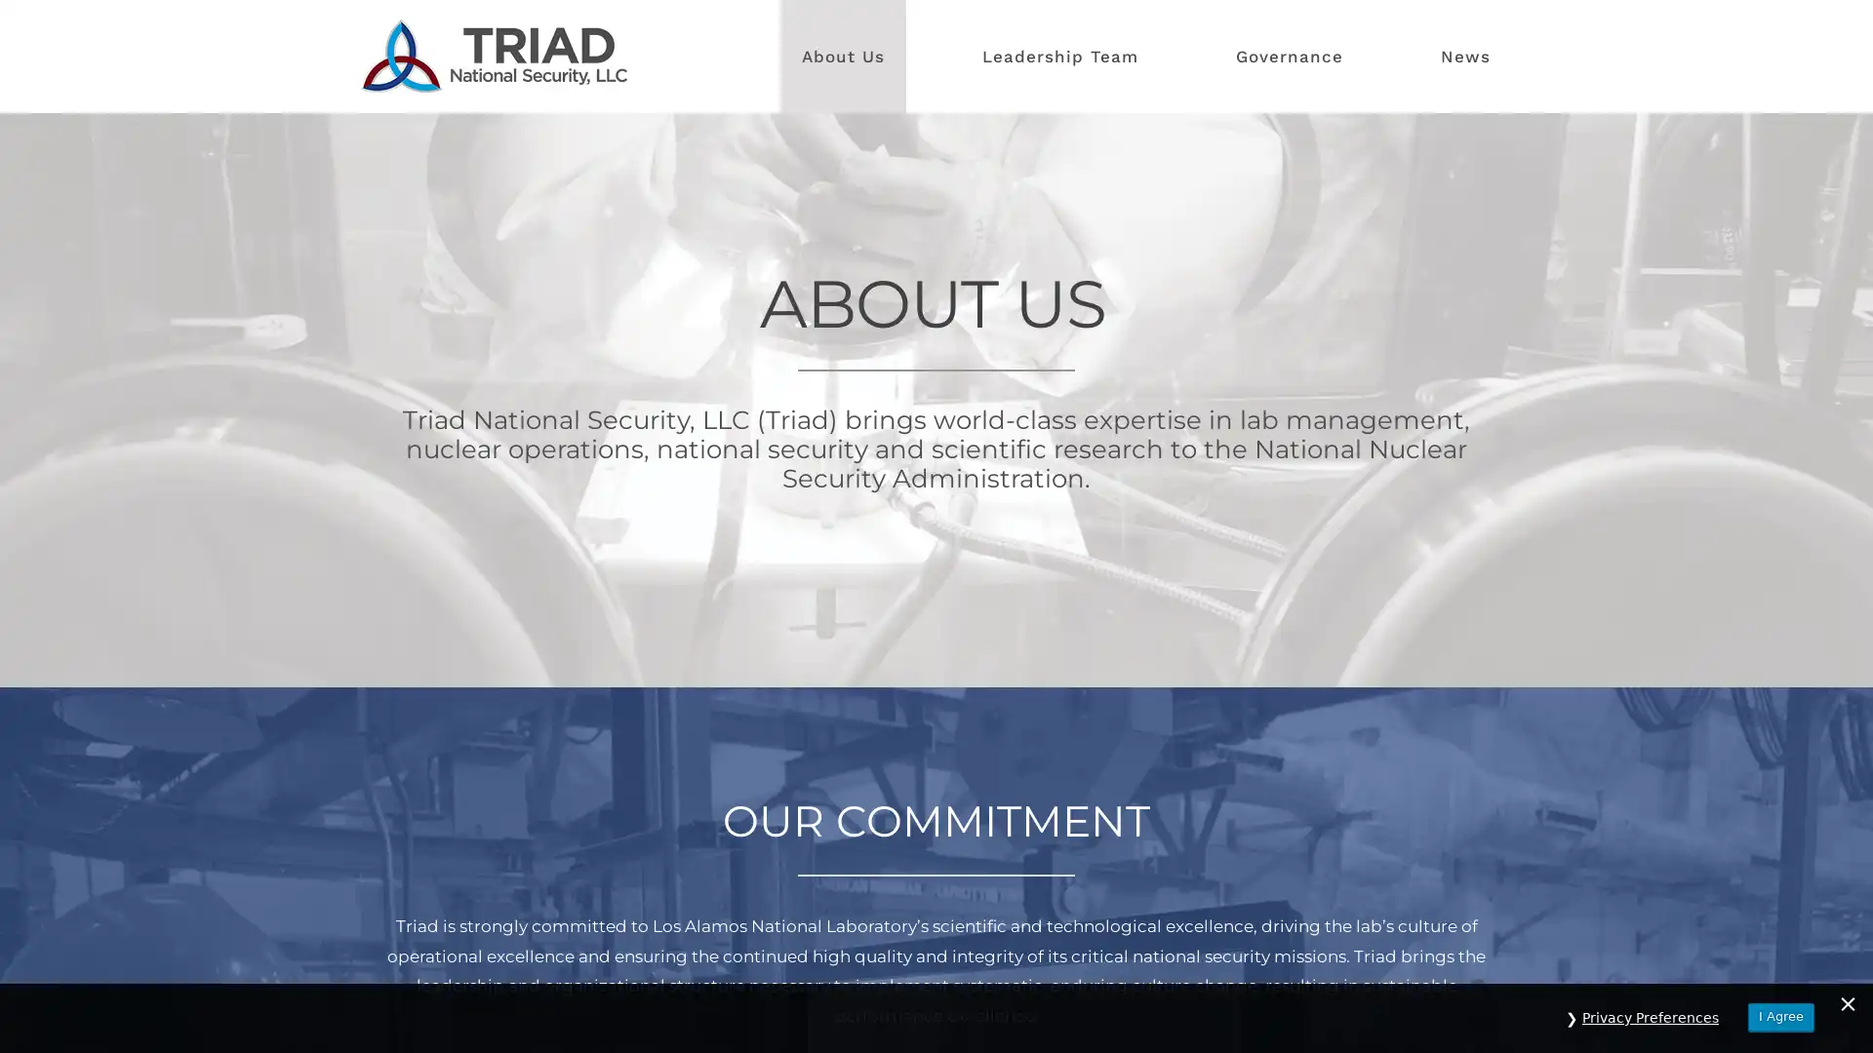 This screenshot has height=1053, width=1873. I want to click on I Agree, so click(1780, 1016).